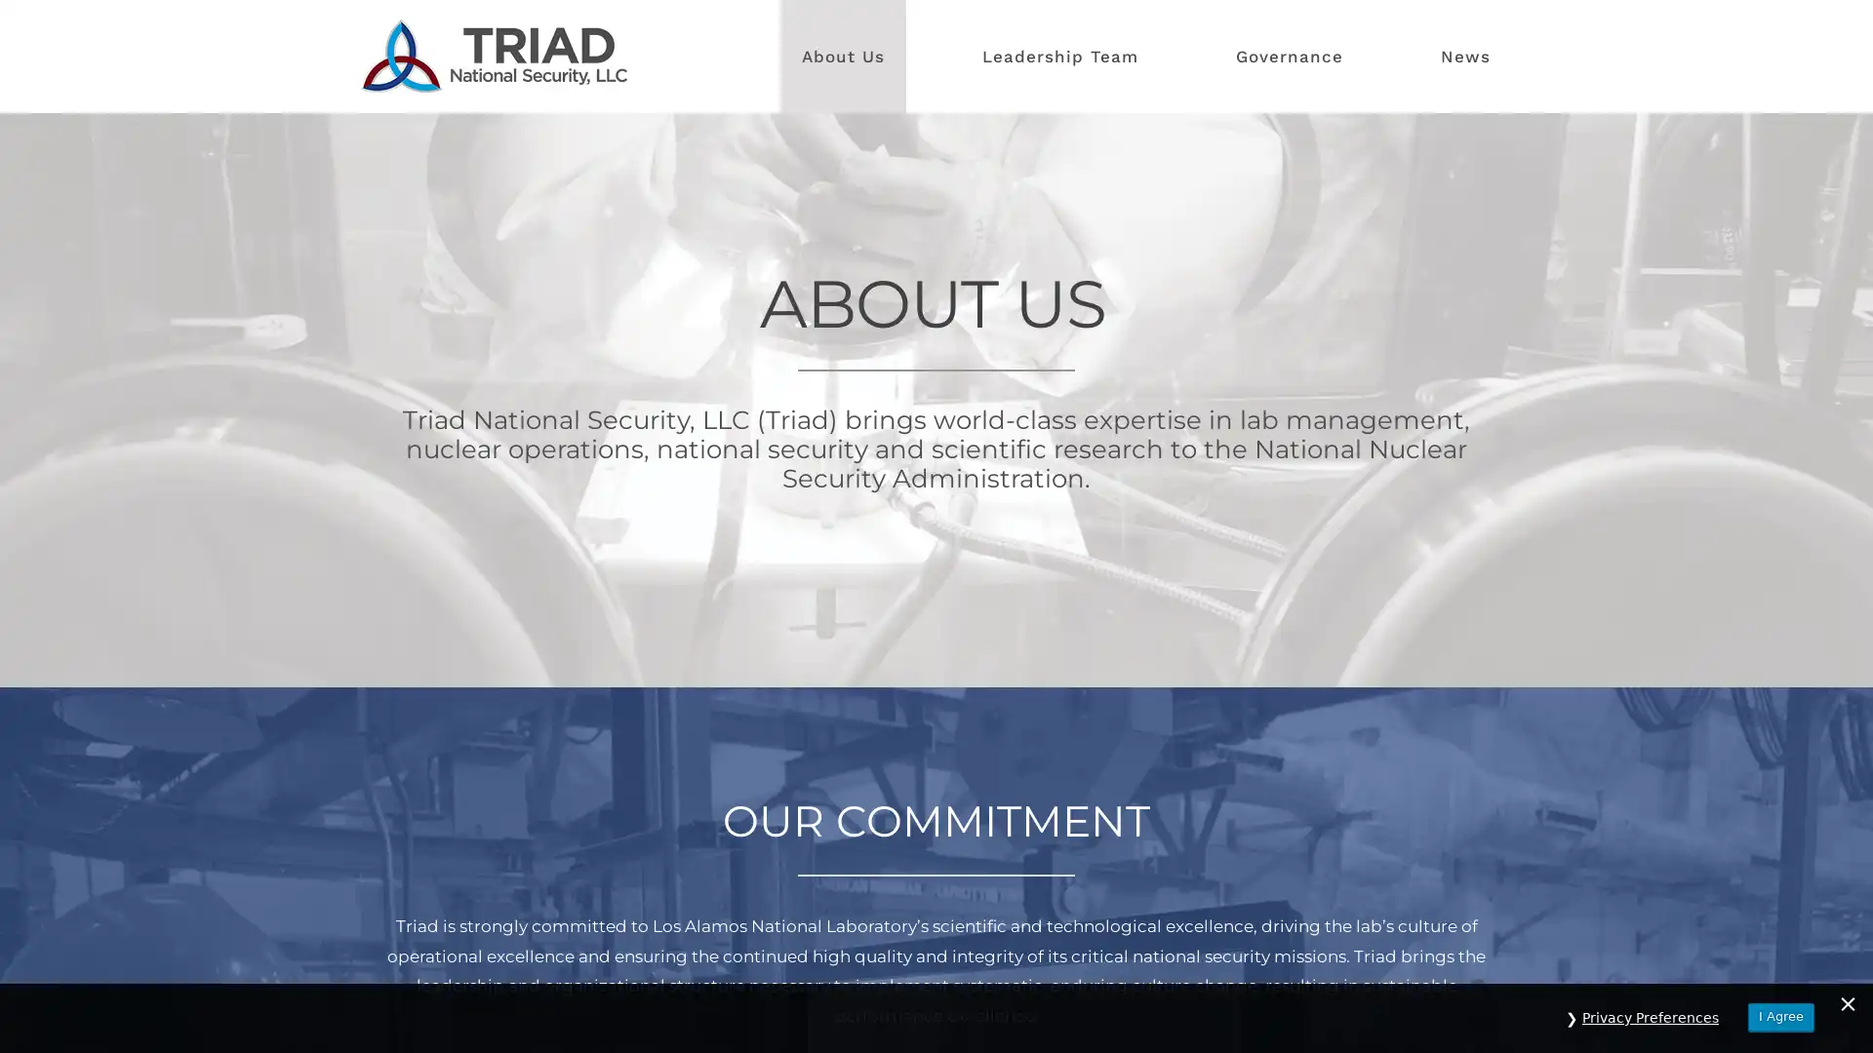 This screenshot has height=1053, width=1873. I want to click on I Agree, so click(1780, 1016).